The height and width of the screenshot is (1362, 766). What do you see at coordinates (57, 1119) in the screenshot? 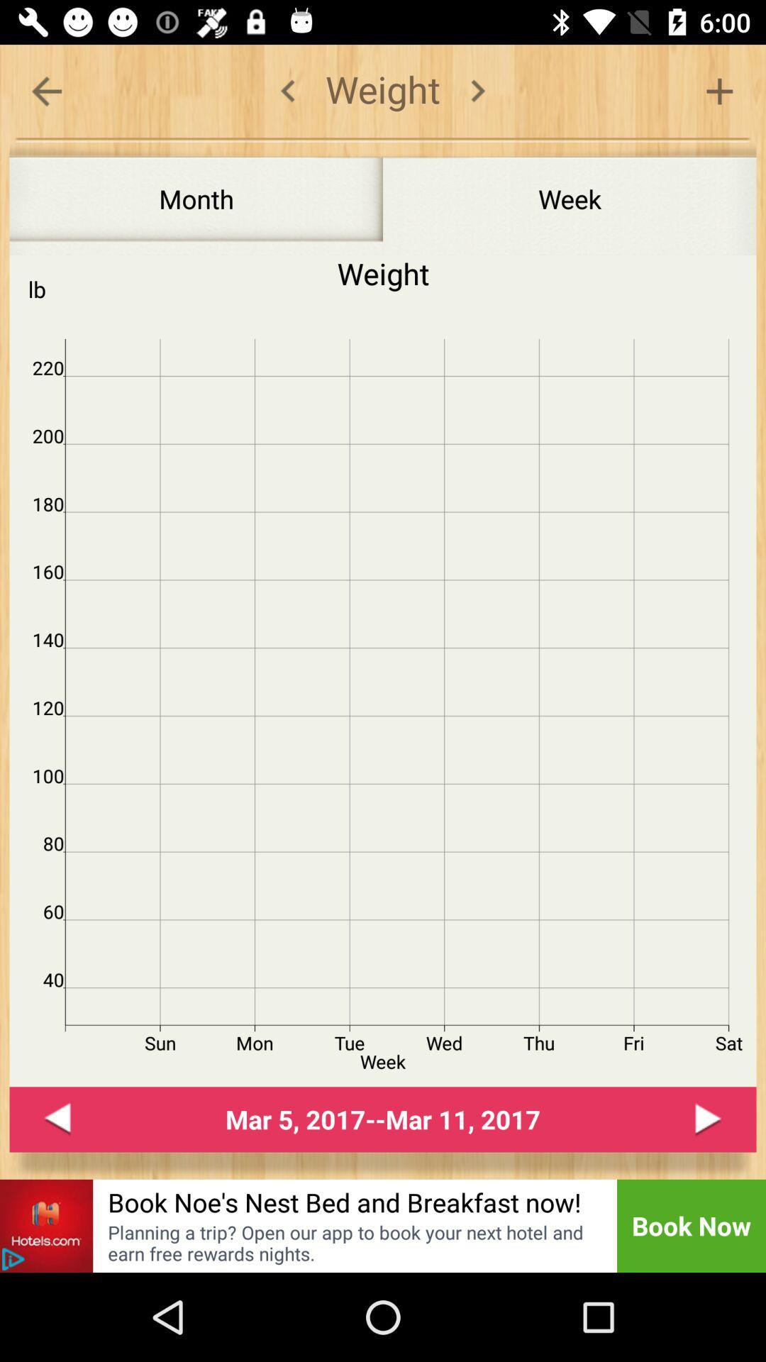
I see `go back` at bounding box center [57, 1119].